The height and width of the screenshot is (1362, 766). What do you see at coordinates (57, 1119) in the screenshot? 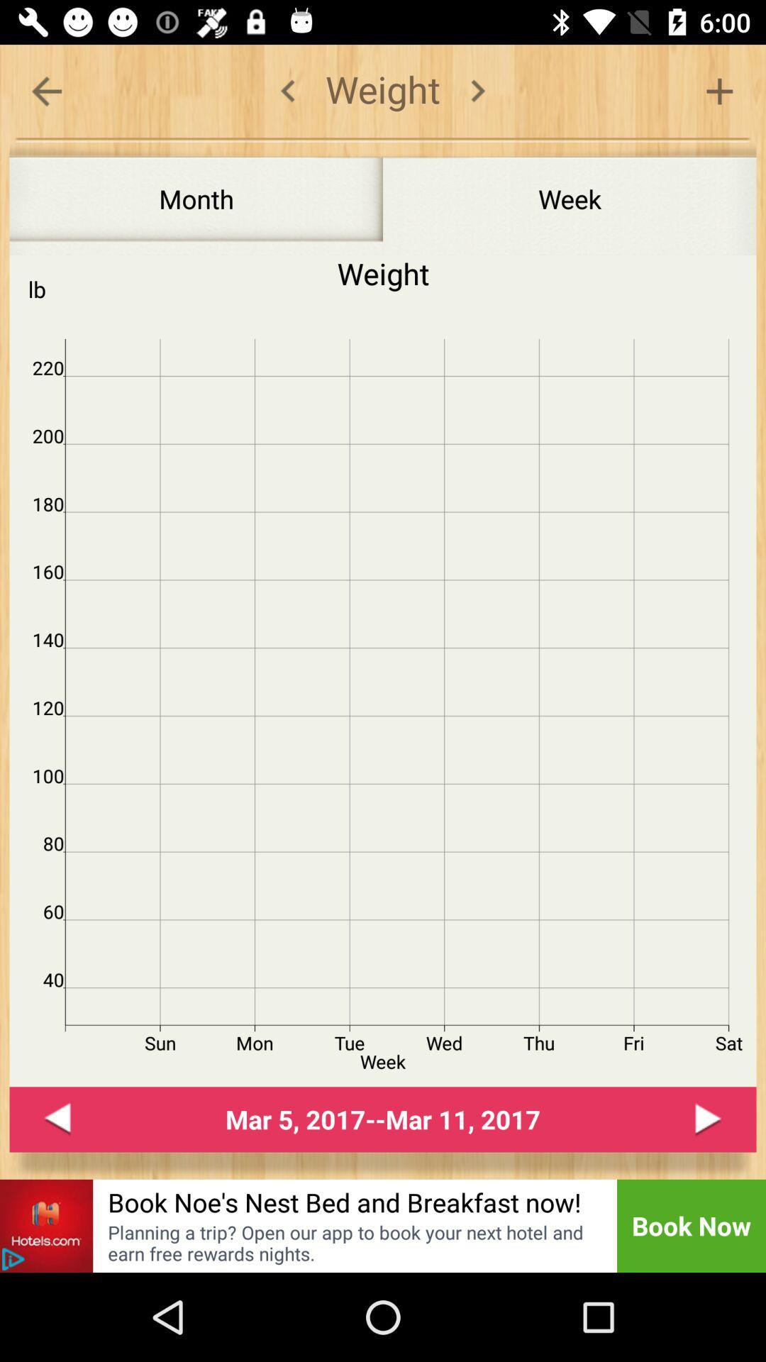
I see `go back` at bounding box center [57, 1119].